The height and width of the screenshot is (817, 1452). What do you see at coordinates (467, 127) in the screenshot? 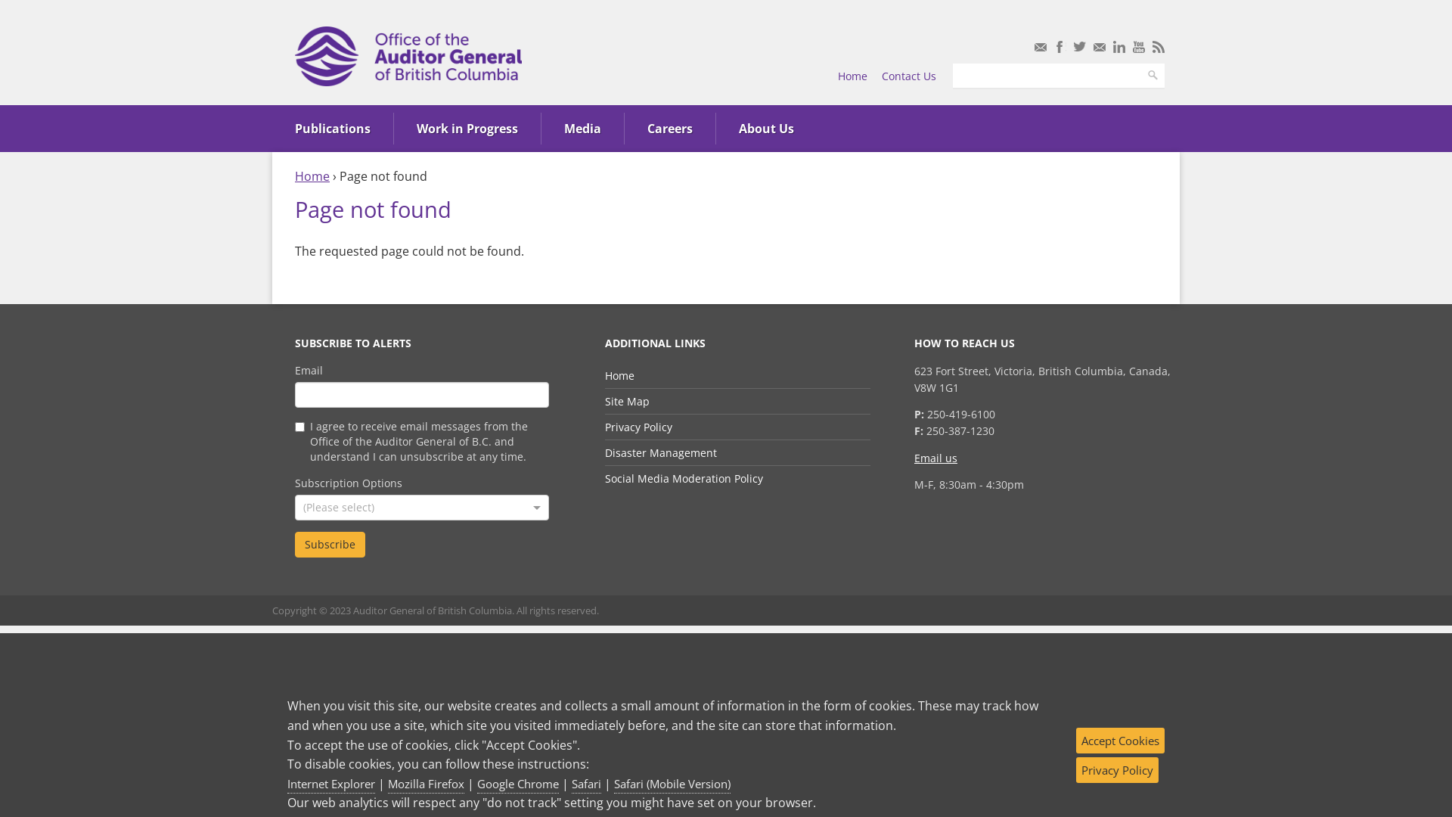
I see `'Work in Progress'` at bounding box center [467, 127].